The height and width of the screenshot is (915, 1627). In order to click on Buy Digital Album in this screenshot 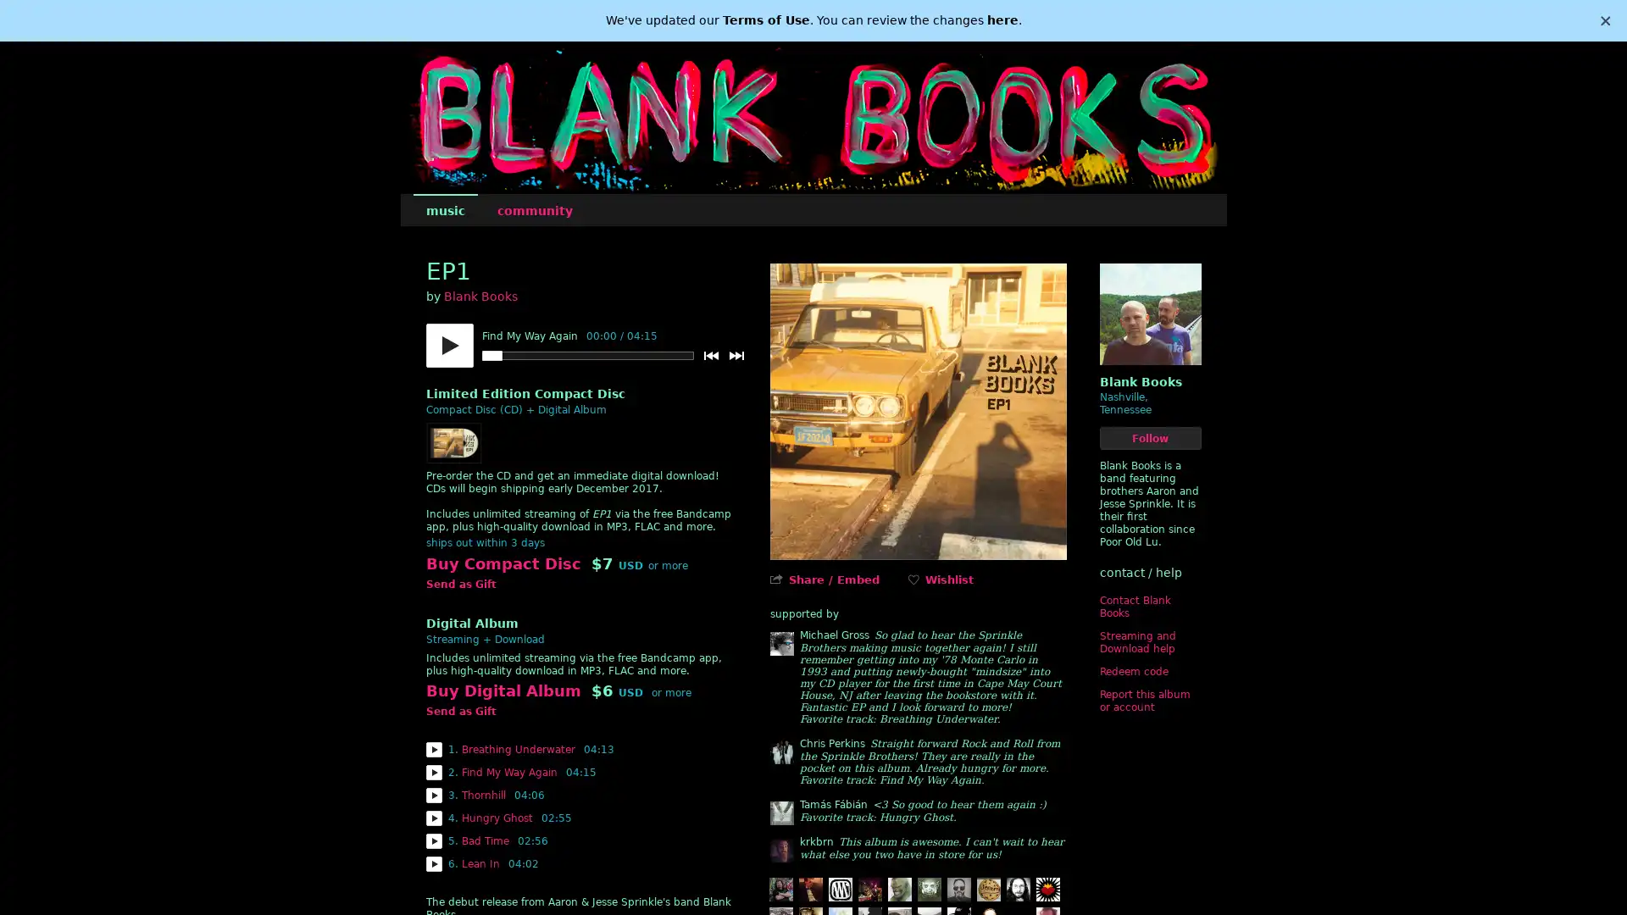, I will do `click(502, 691)`.